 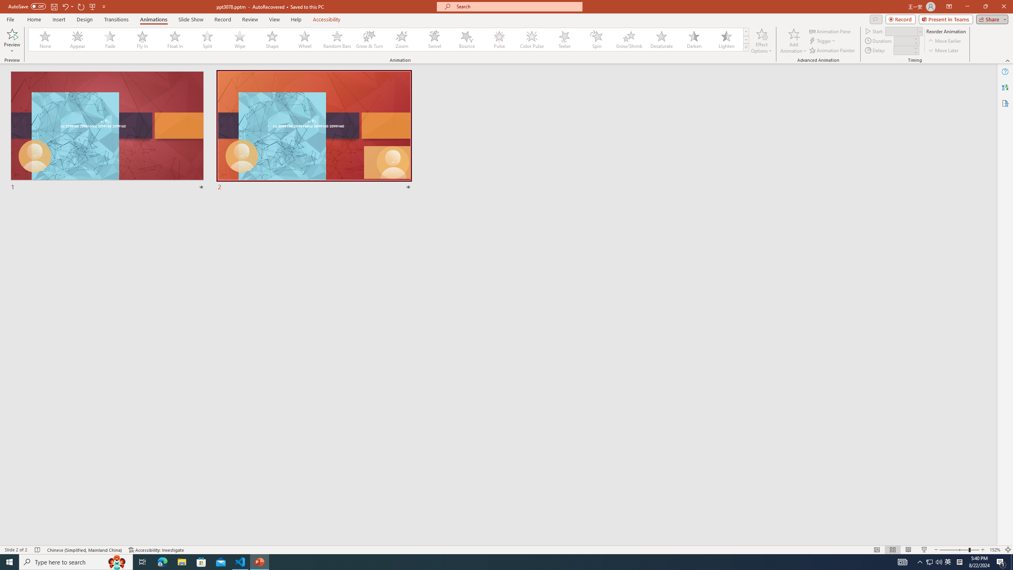 What do you see at coordinates (499, 39) in the screenshot?
I see `'Pulse'` at bounding box center [499, 39].